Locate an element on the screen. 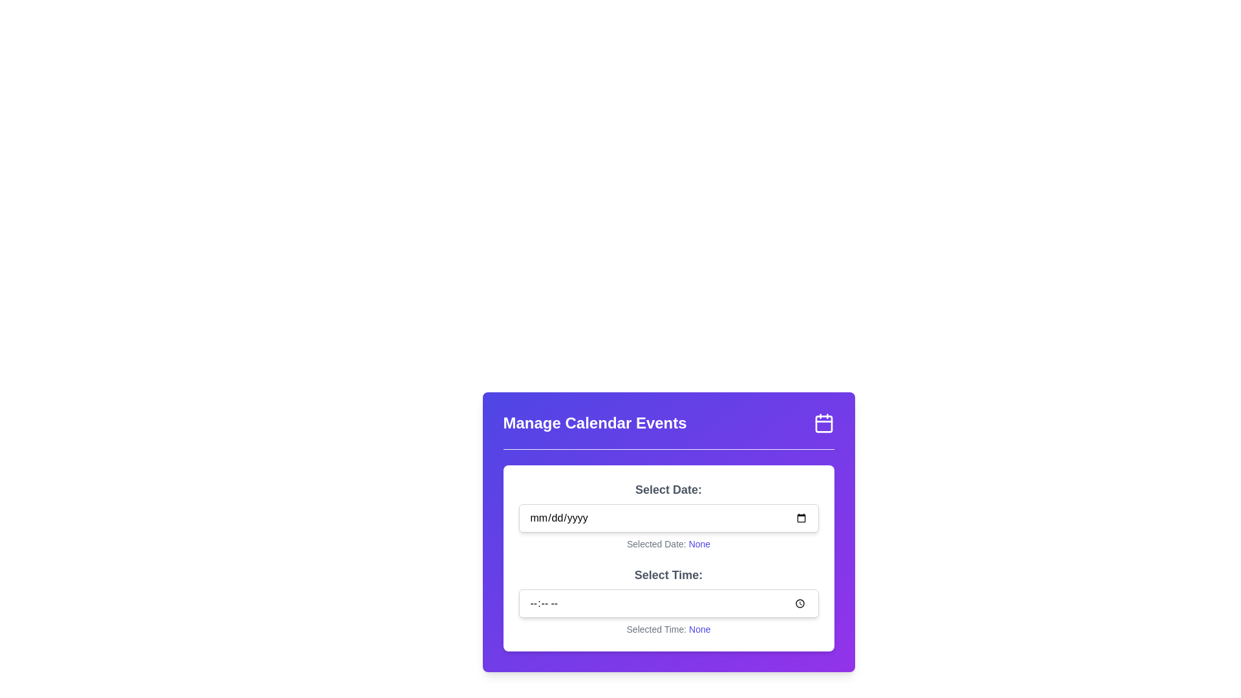 The width and height of the screenshot is (1241, 698). the Text Header indicating the purpose of the calendar management interface is located at coordinates (594, 423).